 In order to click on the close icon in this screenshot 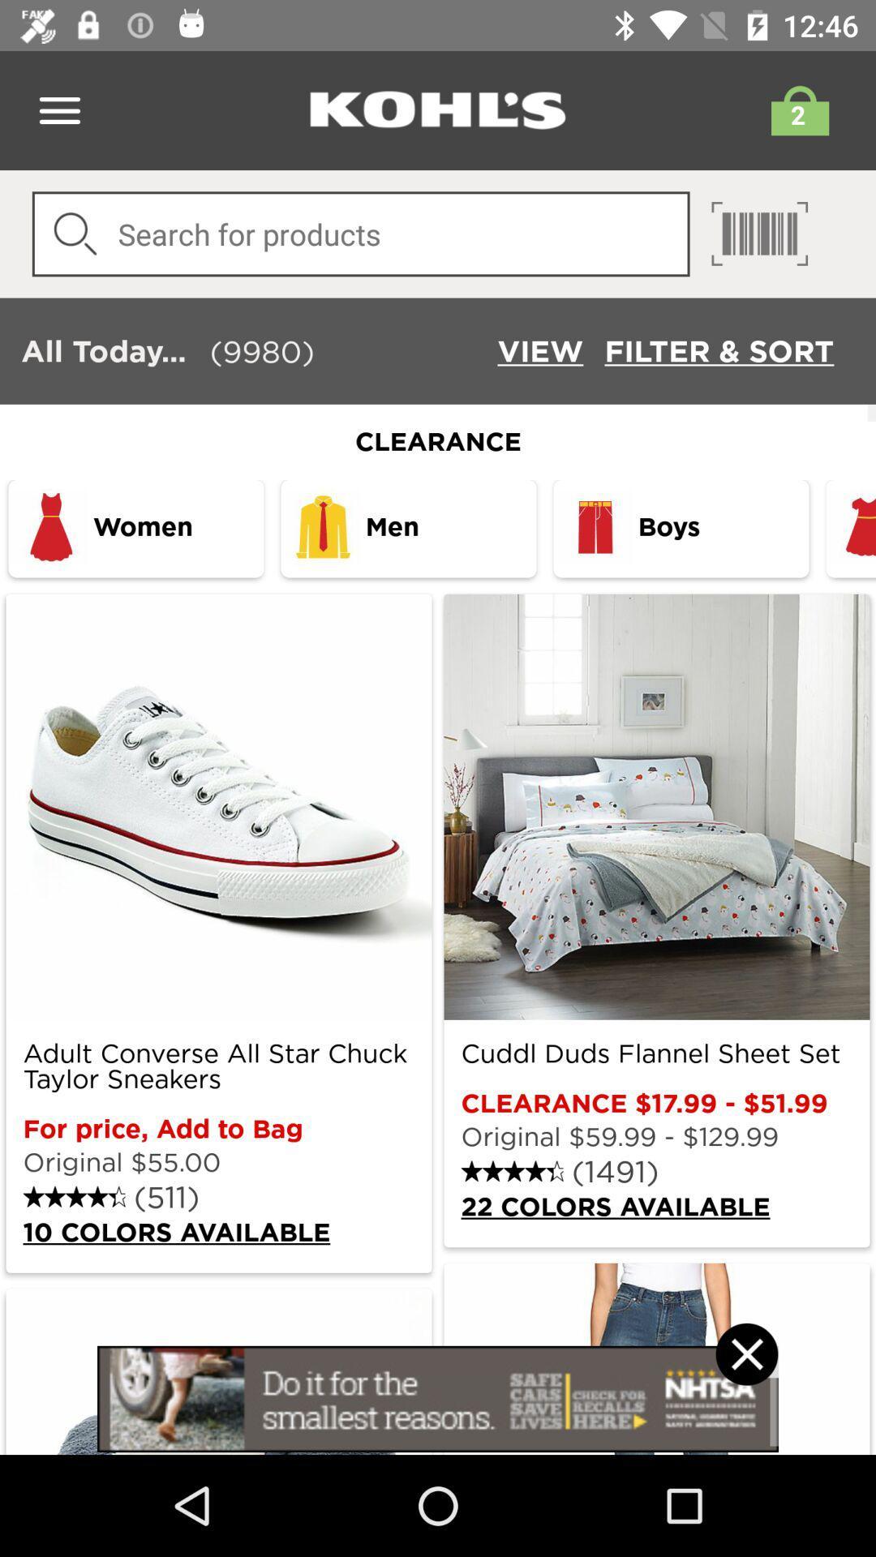, I will do `click(746, 1375)`.